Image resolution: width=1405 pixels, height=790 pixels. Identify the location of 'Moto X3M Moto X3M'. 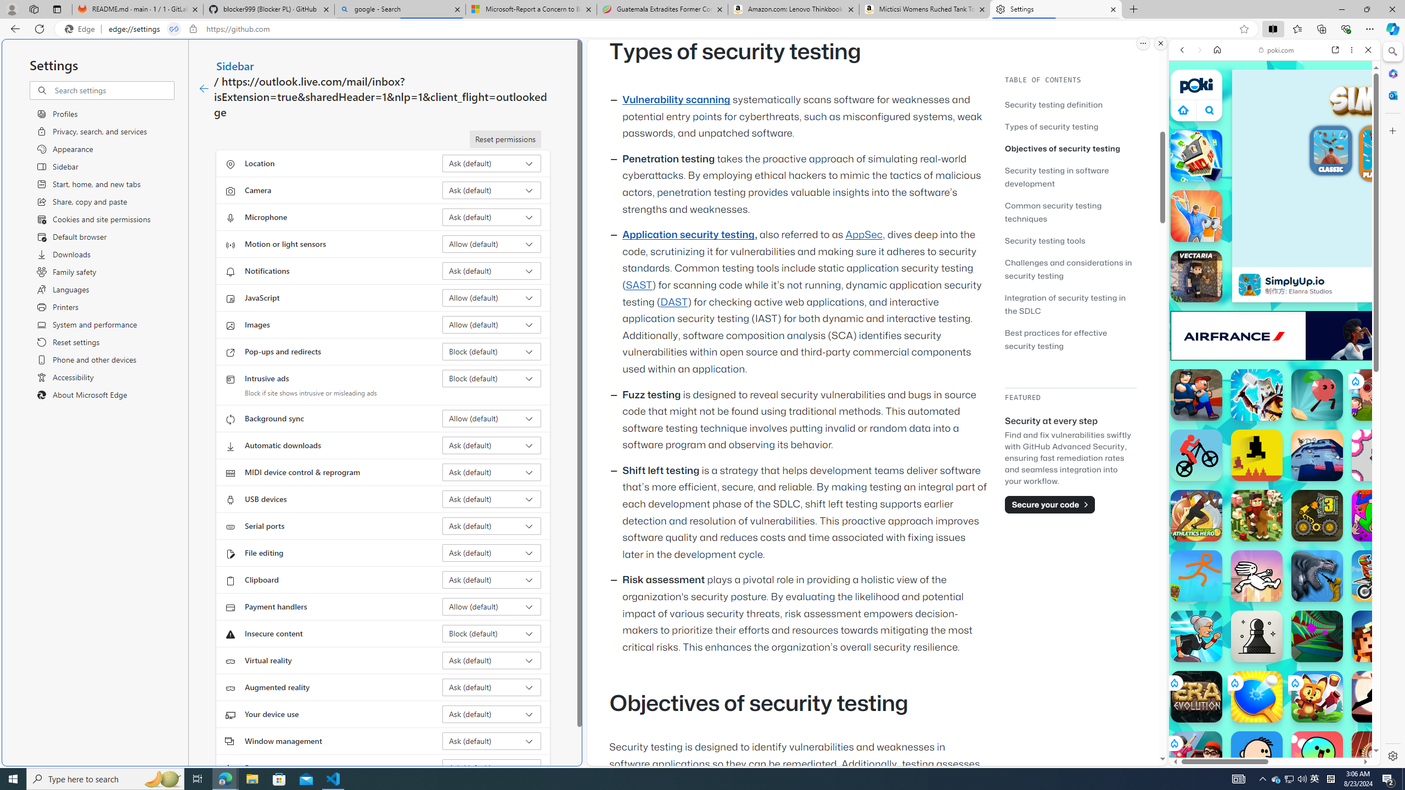
(1378, 575).